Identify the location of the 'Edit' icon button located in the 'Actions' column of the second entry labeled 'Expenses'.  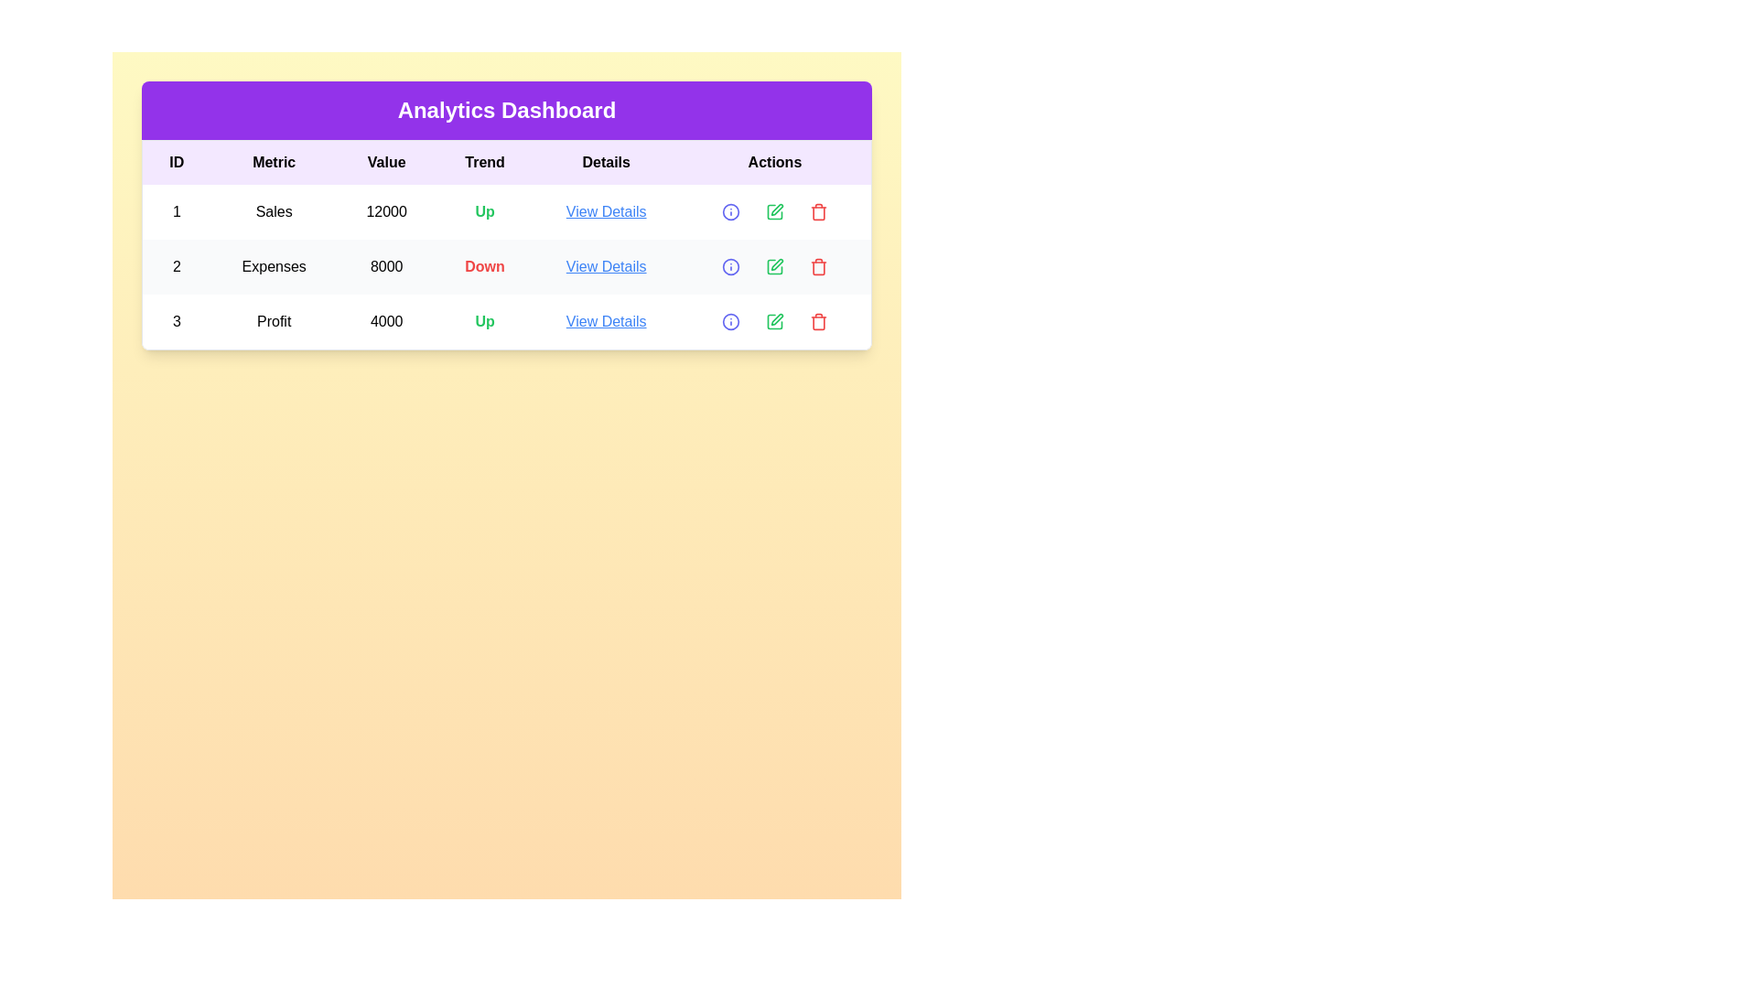
(774, 267).